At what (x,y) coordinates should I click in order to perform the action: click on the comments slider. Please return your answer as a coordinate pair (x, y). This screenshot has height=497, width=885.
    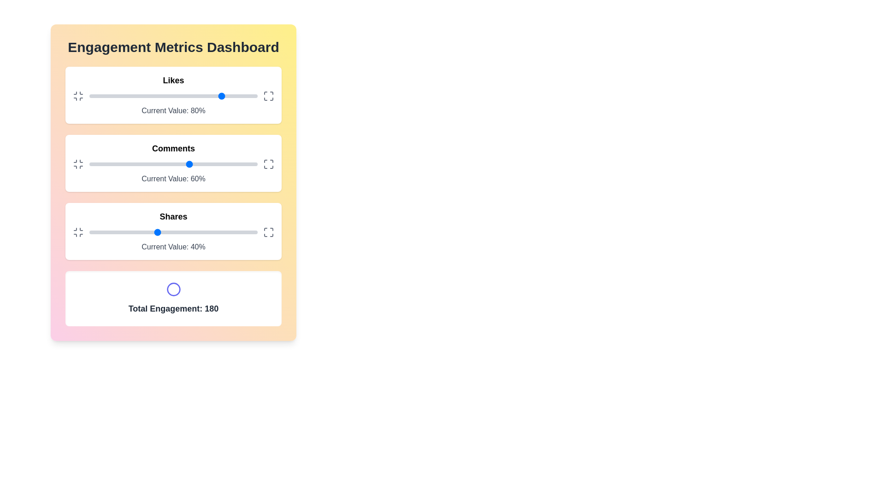
    Looking at the image, I should click on (210, 164).